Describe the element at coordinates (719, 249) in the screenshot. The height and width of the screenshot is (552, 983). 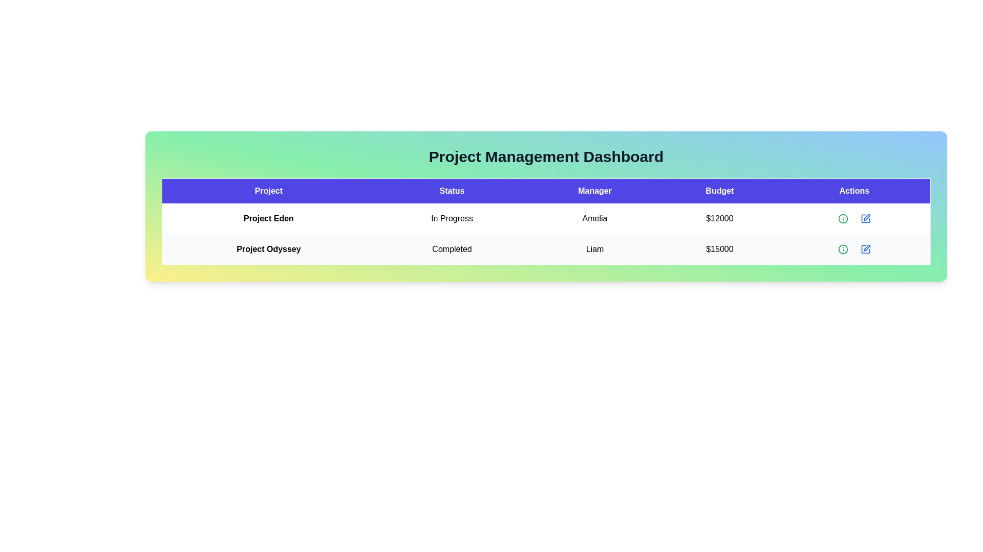
I see `value displayed in the 'Budget' column of the second row in the project table, which is represented by a Text label` at that location.